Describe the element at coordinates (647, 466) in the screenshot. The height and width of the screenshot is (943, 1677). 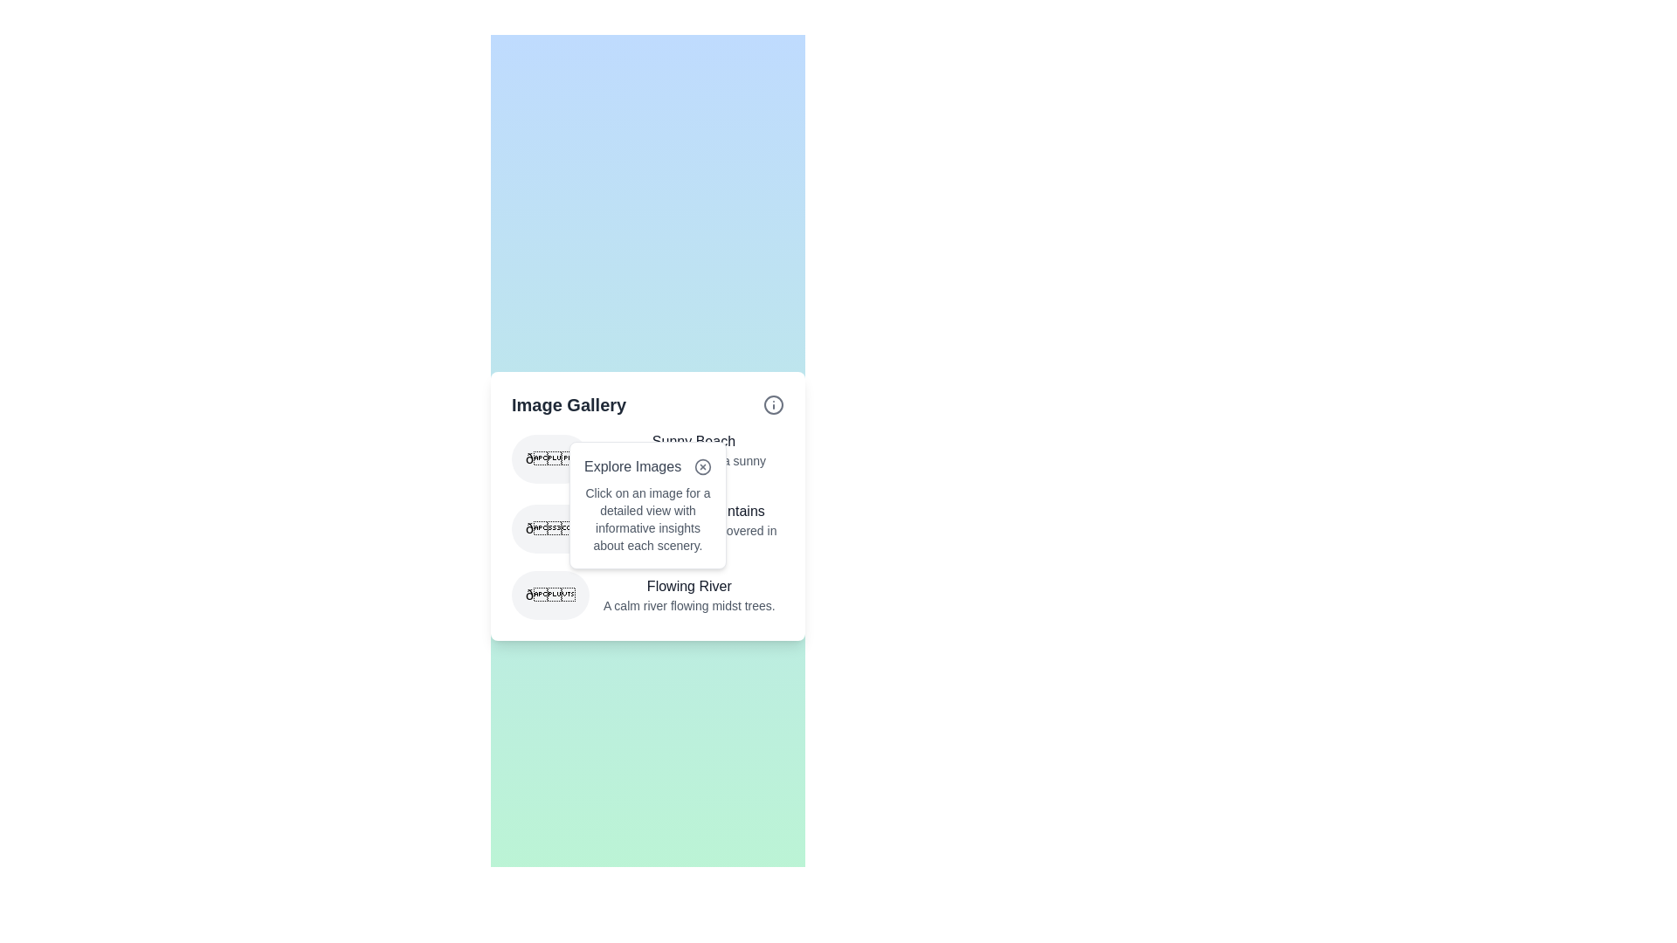
I see `title text 'Explore Images' located in the popup panel, which is the first visual component inside the panel and positioned above explanatory text` at that location.